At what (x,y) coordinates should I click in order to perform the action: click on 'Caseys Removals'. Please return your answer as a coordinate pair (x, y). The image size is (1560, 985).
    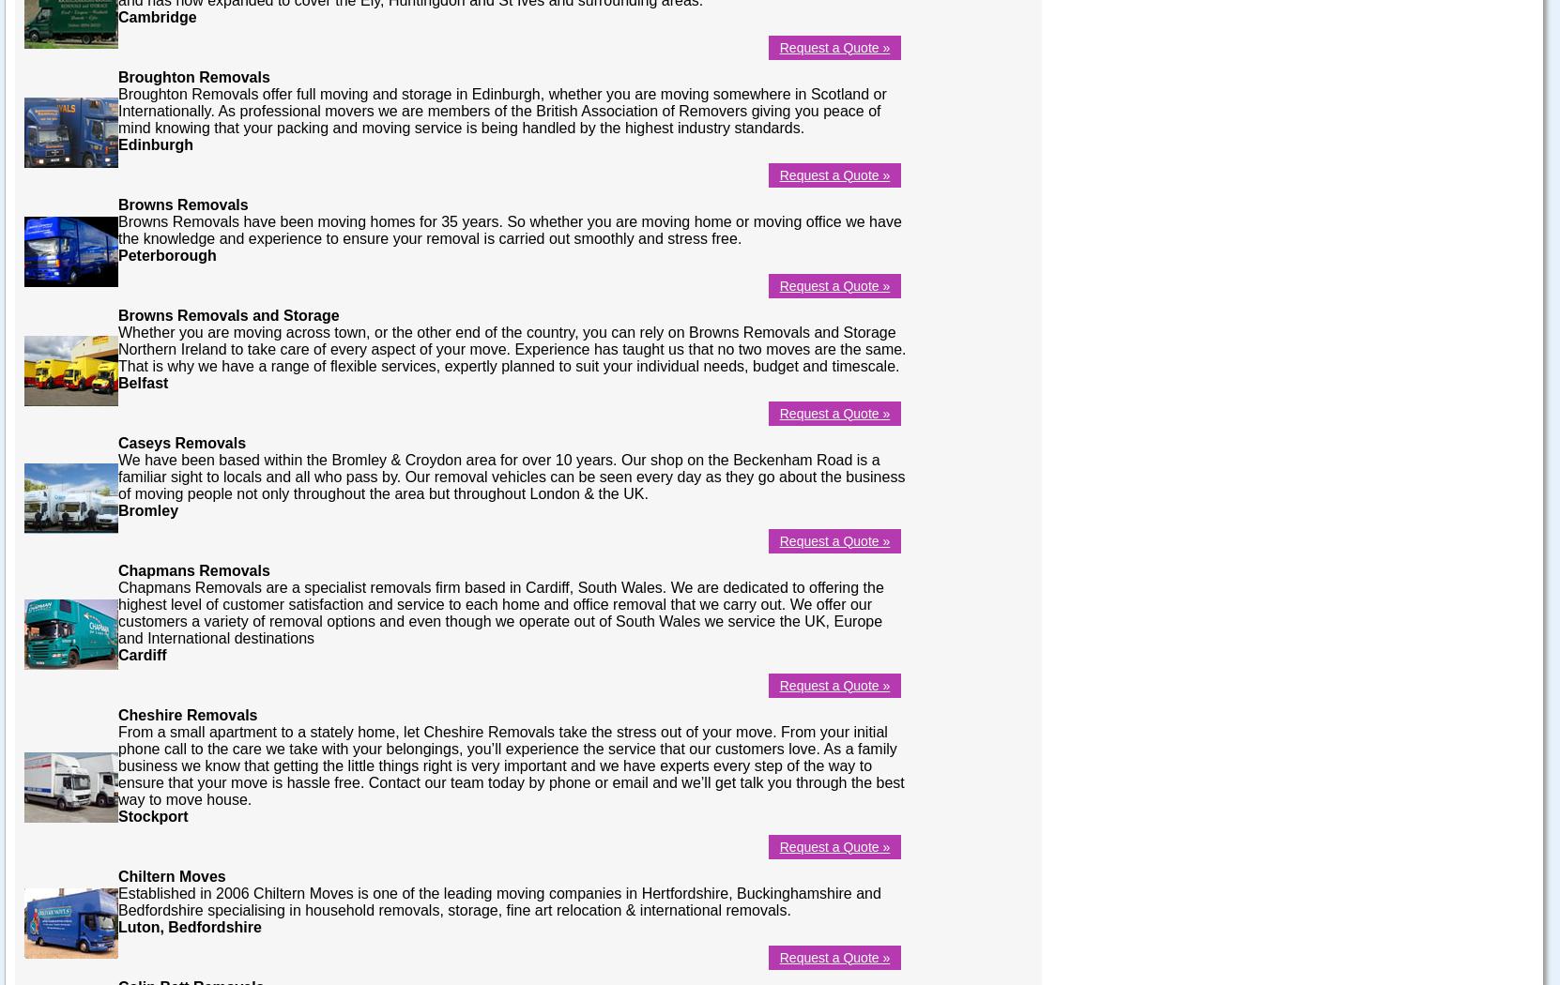
    Looking at the image, I should click on (180, 442).